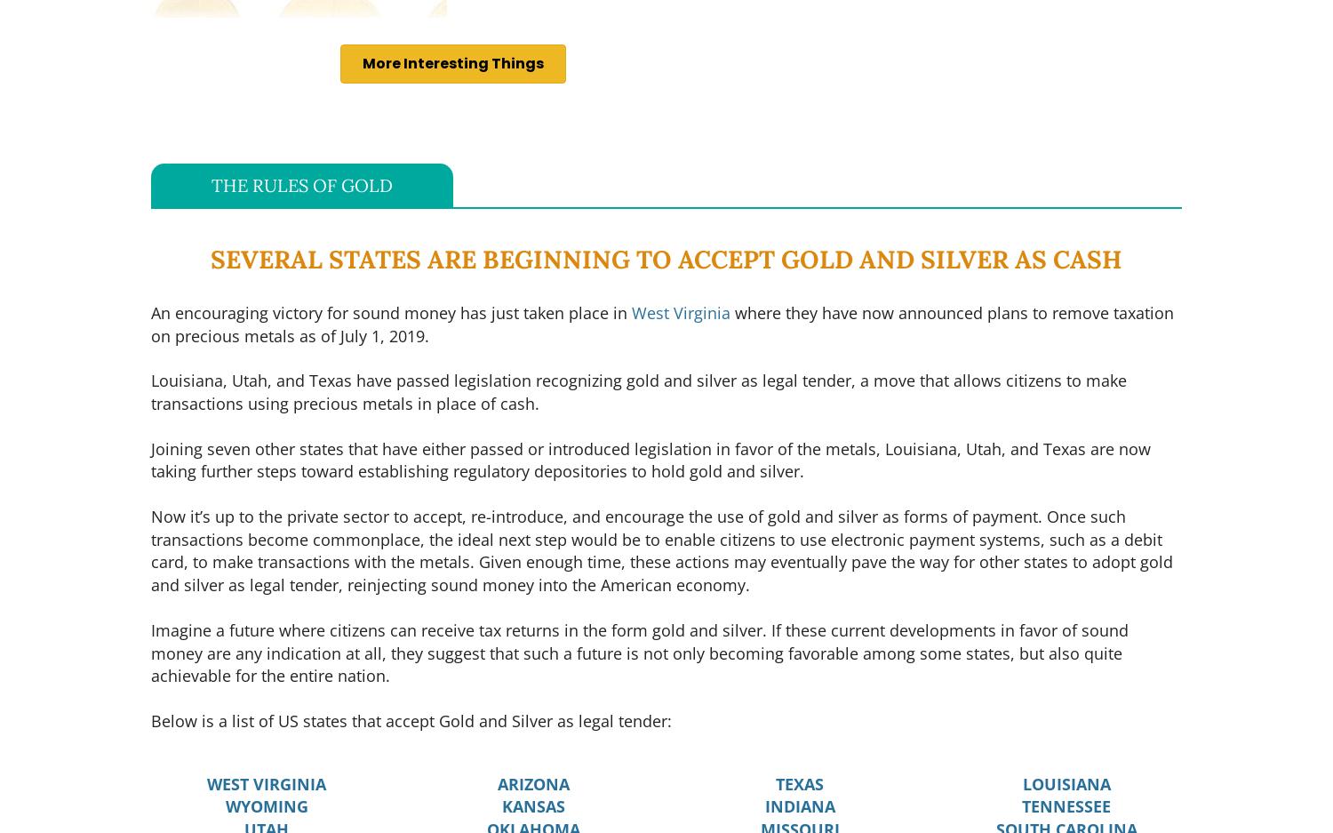 This screenshot has height=833, width=1333. What do you see at coordinates (150, 719) in the screenshot?
I see `'Below is a list of US states that accept Gold and'` at bounding box center [150, 719].